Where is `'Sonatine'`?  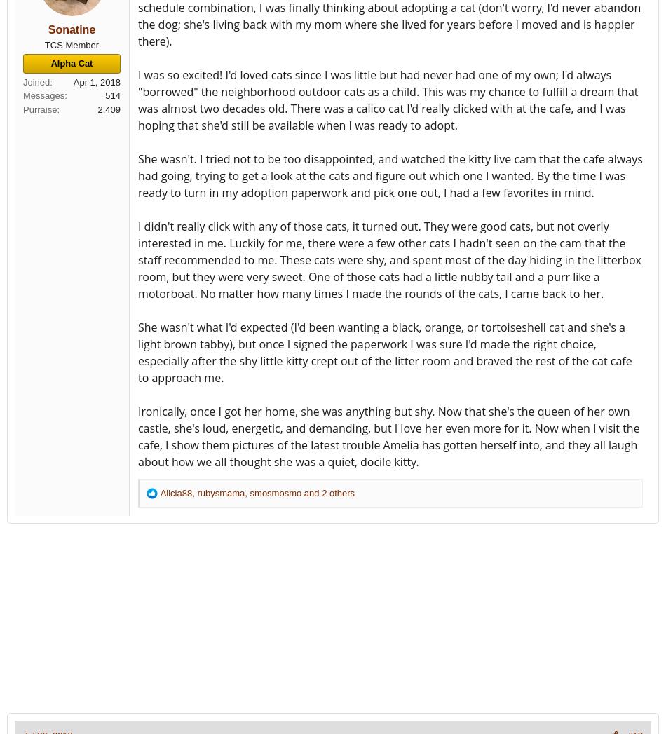
'Sonatine' is located at coordinates (72, 28).